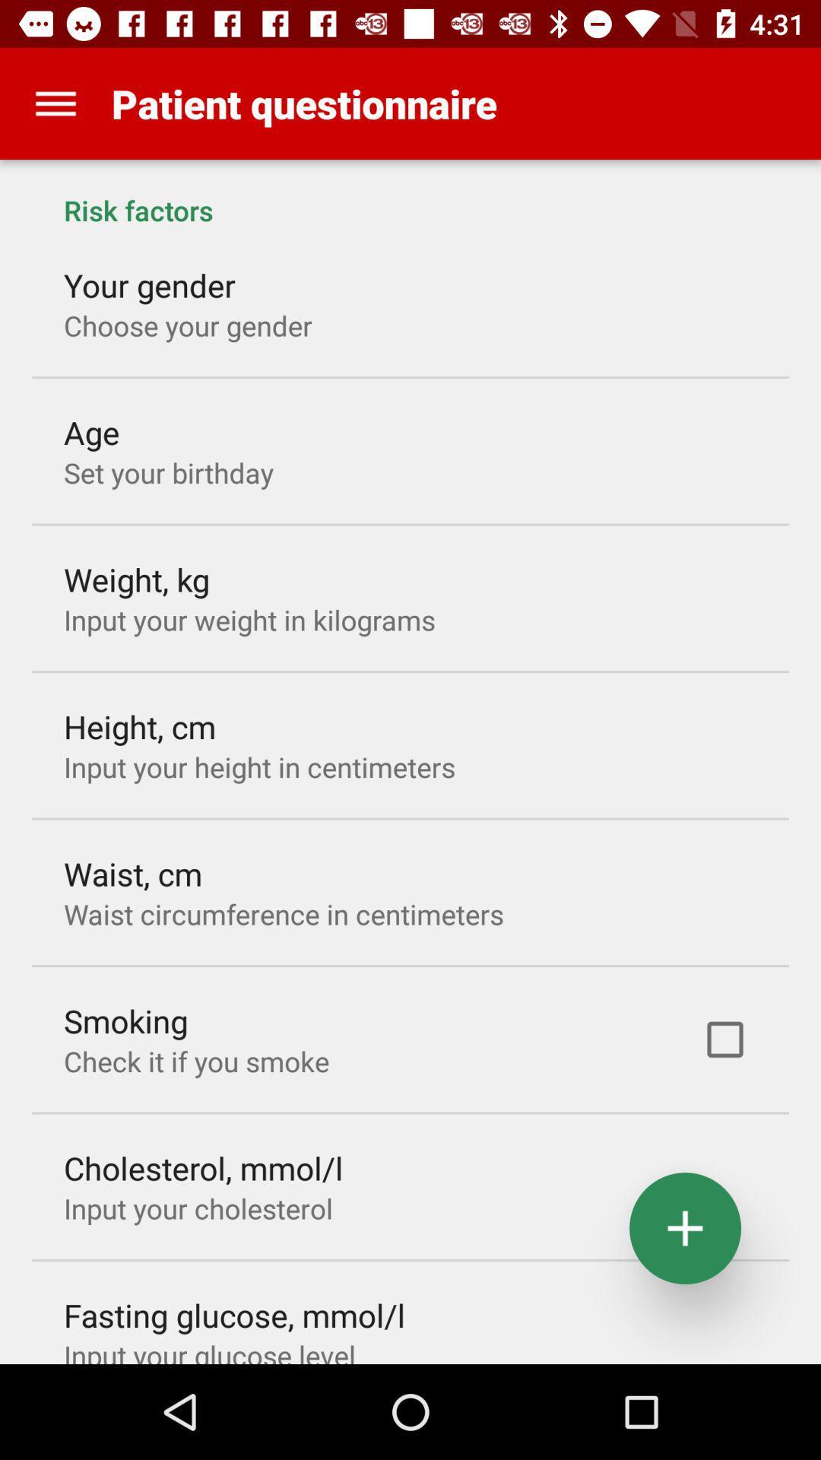 The image size is (821, 1460). Describe the element at coordinates (55, 103) in the screenshot. I see `the app next to the patient questionnaire` at that location.